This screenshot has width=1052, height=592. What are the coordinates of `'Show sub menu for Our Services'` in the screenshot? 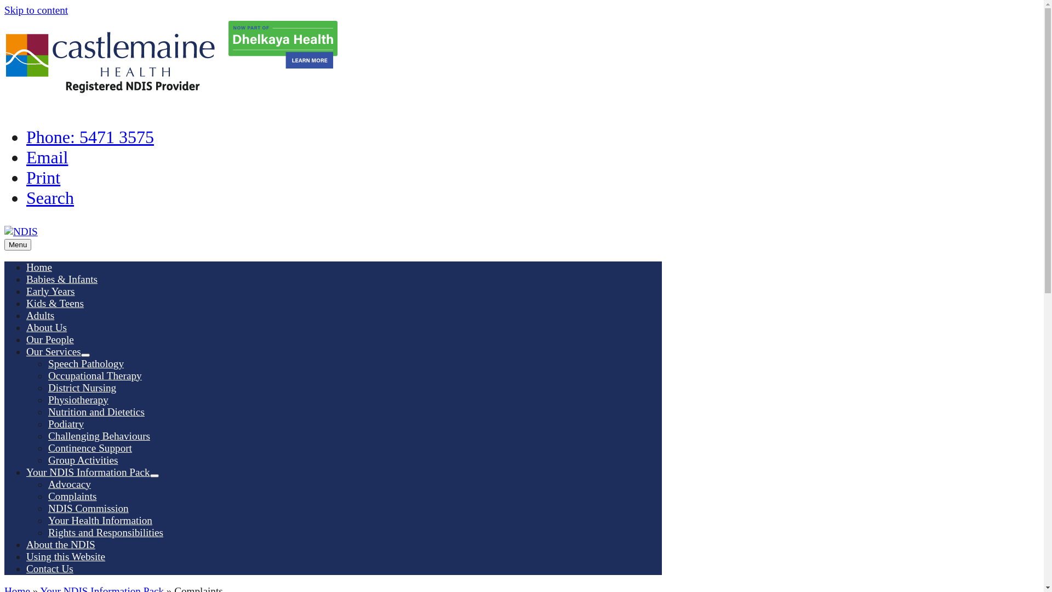 It's located at (81, 355).